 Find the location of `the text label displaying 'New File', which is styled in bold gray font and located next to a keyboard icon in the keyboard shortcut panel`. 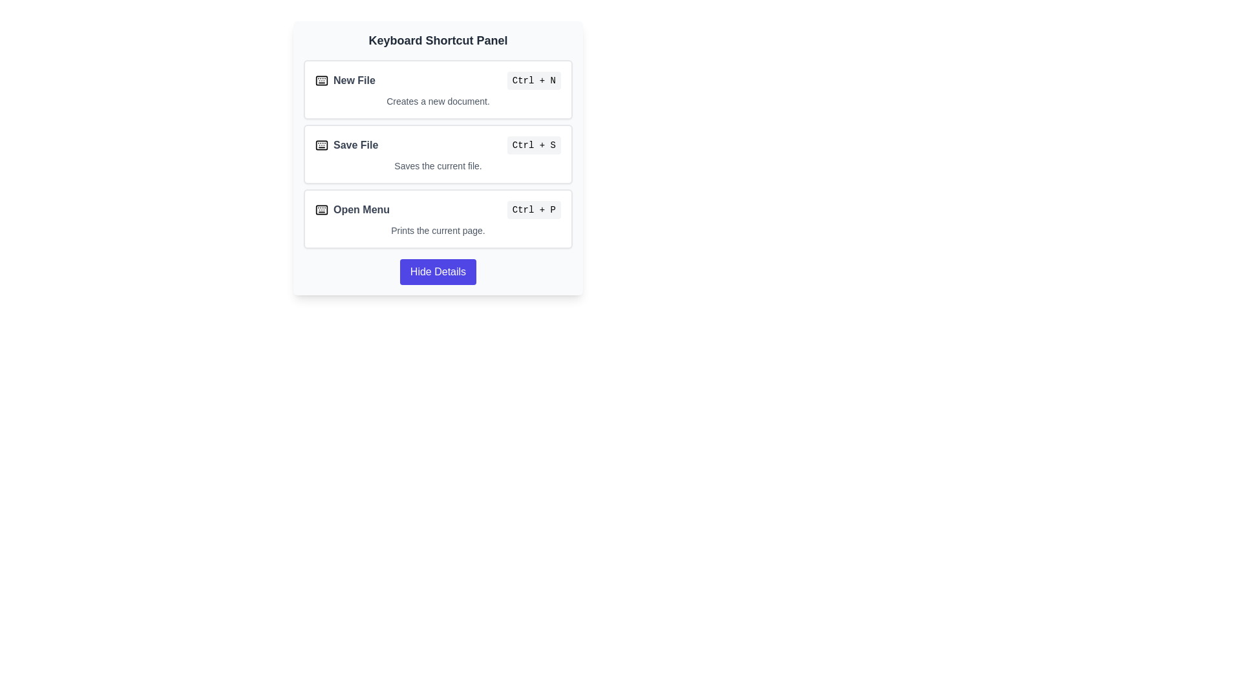

the text label displaying 'New File', which is styled in bold gray font and located next to a keyboard icon in the keyboard shortcut panel is located at coordinates (354, 80).